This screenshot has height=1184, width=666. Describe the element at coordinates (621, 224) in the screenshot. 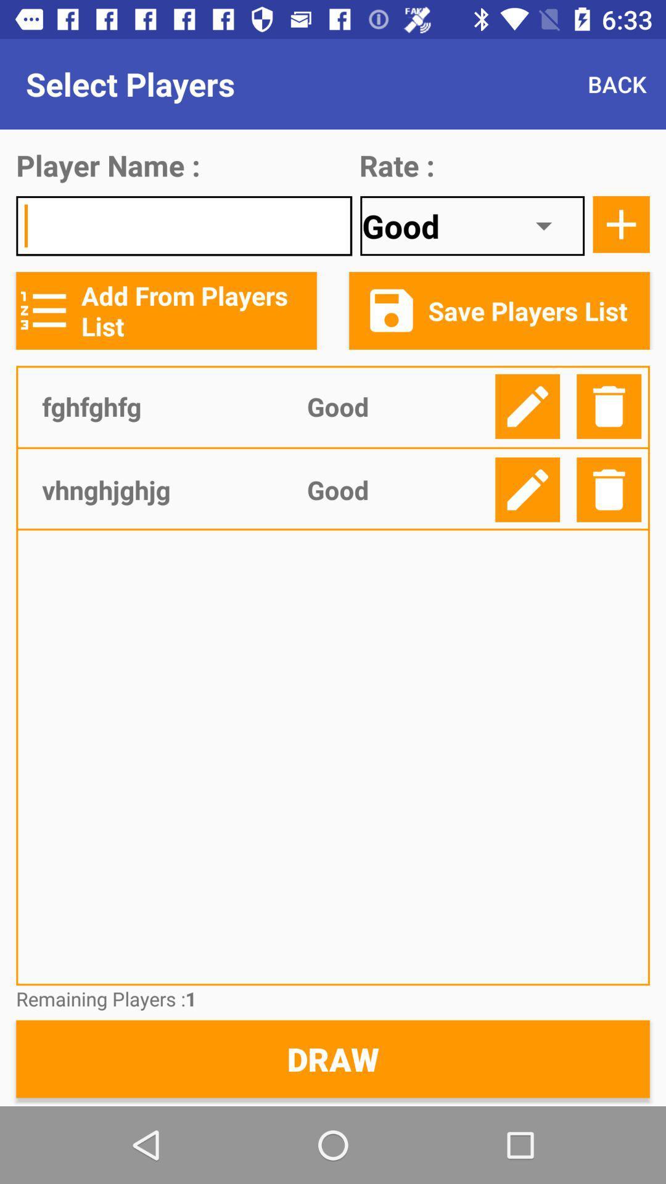

I see `the add icon` at that location.